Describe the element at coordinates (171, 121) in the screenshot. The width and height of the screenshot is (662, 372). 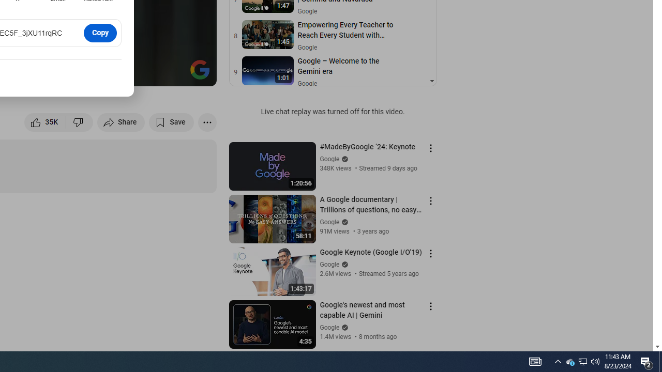
I see `'Save to playlist'` at that location.